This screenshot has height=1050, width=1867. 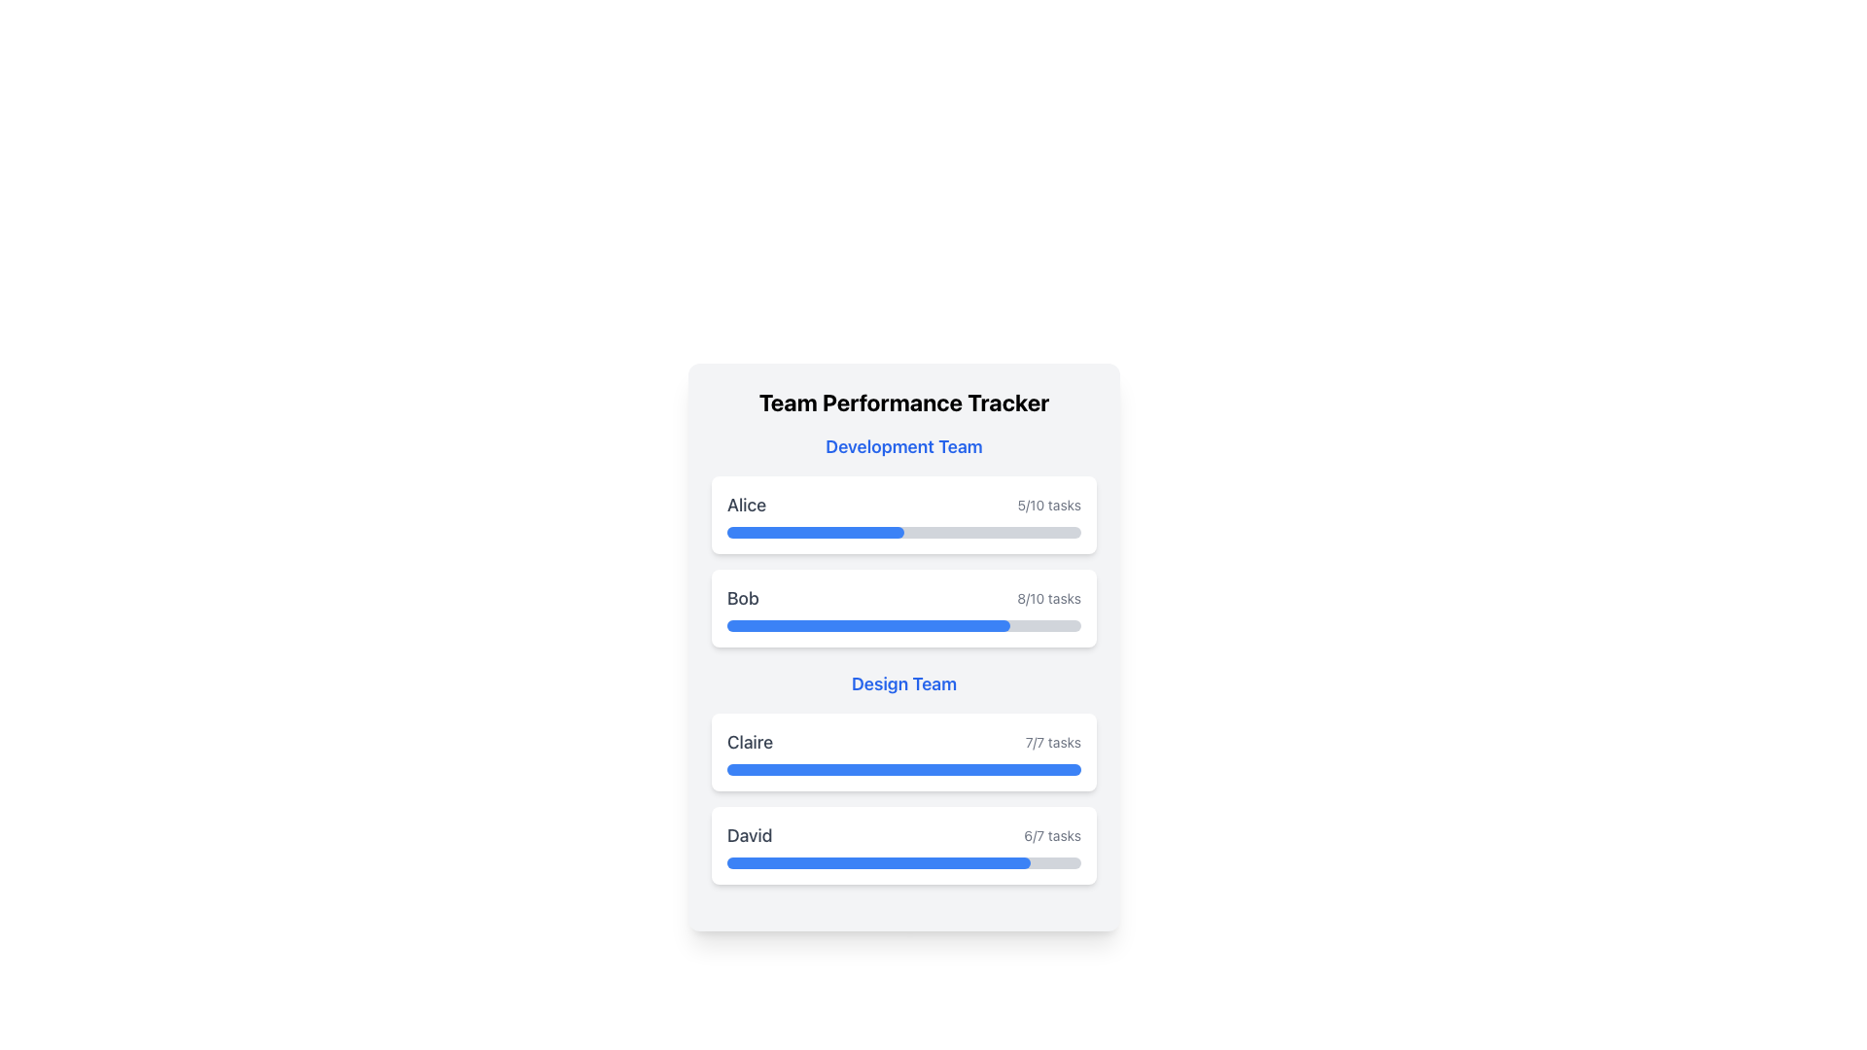 What do you see at coordinates (903, 776) in the screenshot?
I see `performance metrics displayed in the Informational Panel for the Design Team, which includes members' names, task progress bars, and task completion summaries` at bounding box center [903, 776].